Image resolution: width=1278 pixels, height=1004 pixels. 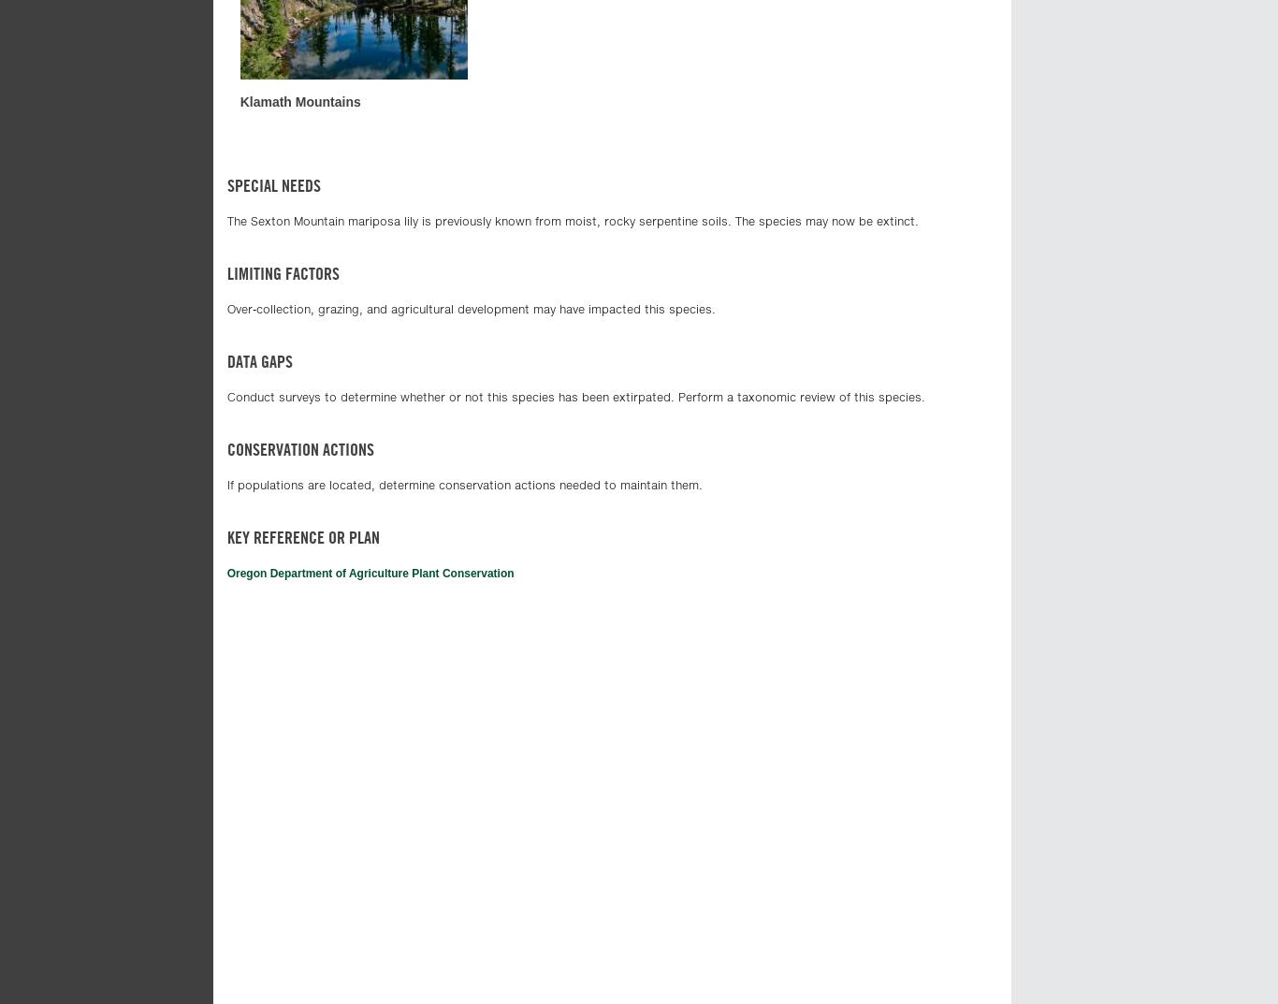 I want to click on 'Conduct surveys to determine whether or not this species has been extirpated. Perform a taxonomic review of this species.', so click(x=226, y=397).